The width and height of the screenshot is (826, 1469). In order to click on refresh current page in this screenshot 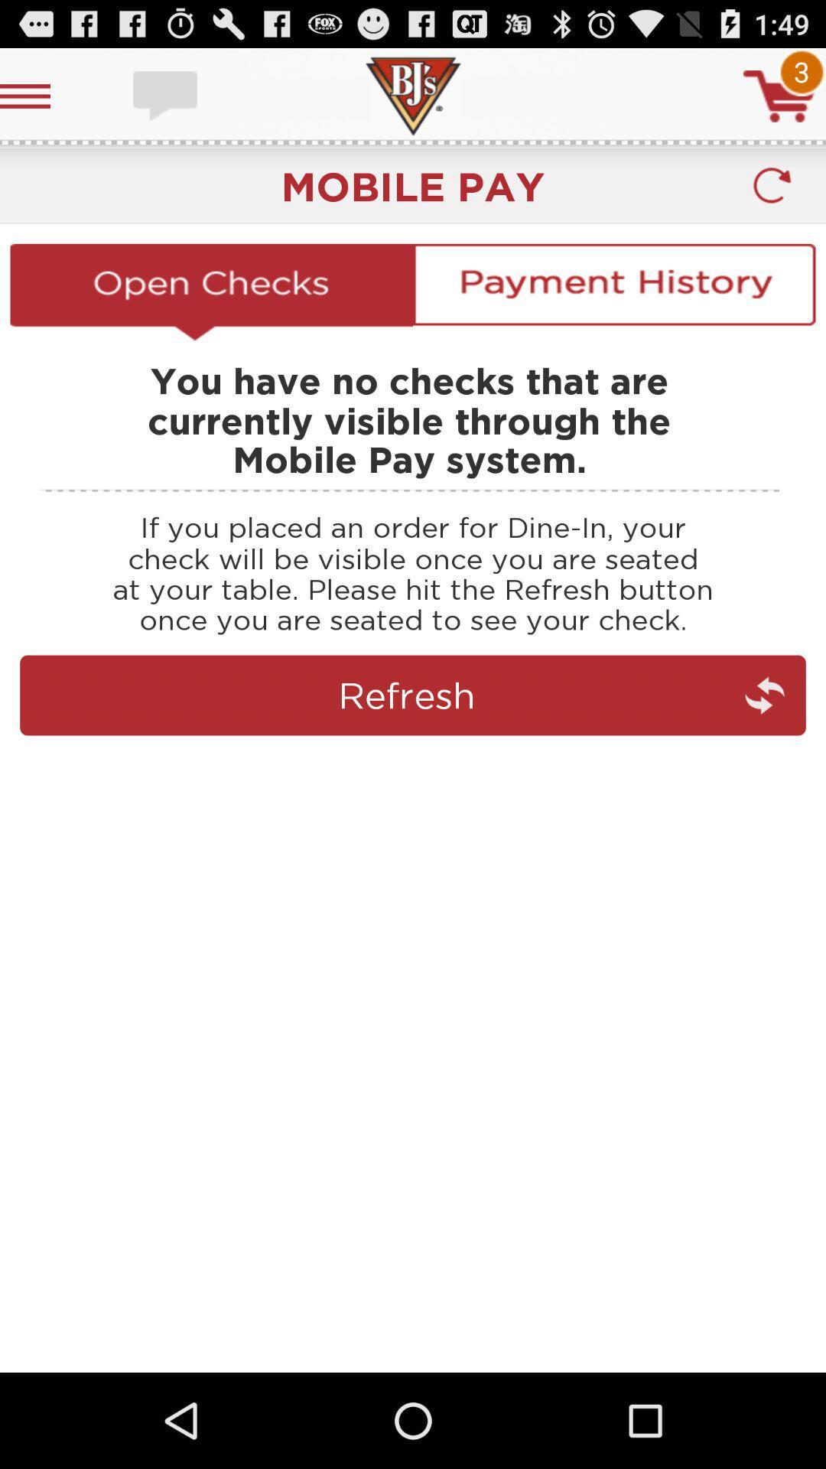, I will do `click(413, 762)`.